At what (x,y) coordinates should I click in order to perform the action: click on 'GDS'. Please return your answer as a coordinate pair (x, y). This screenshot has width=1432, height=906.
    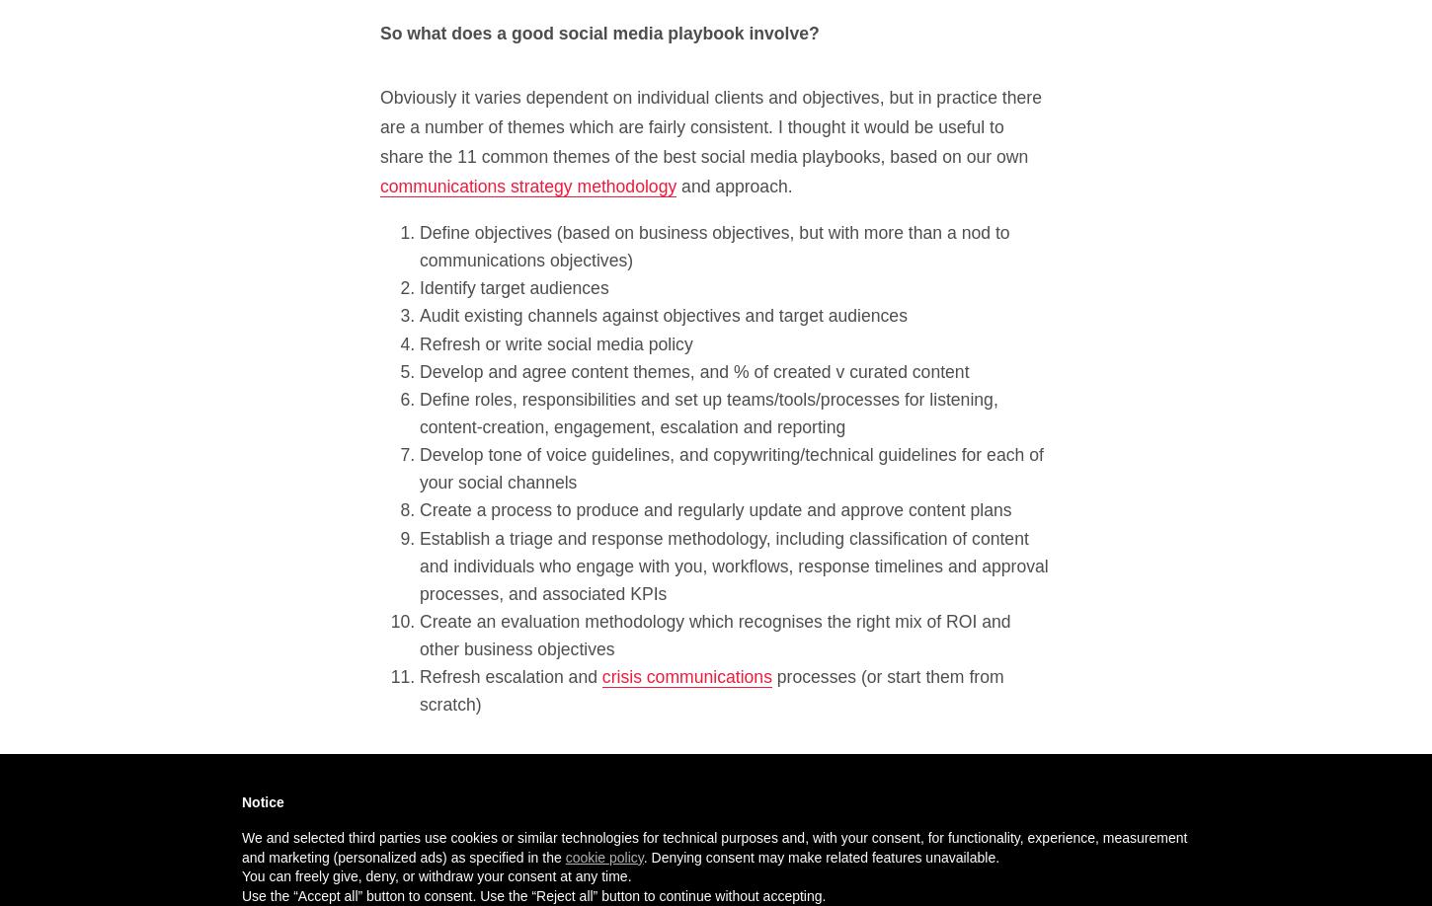
    Looking at the image, I should click on (909, 796).